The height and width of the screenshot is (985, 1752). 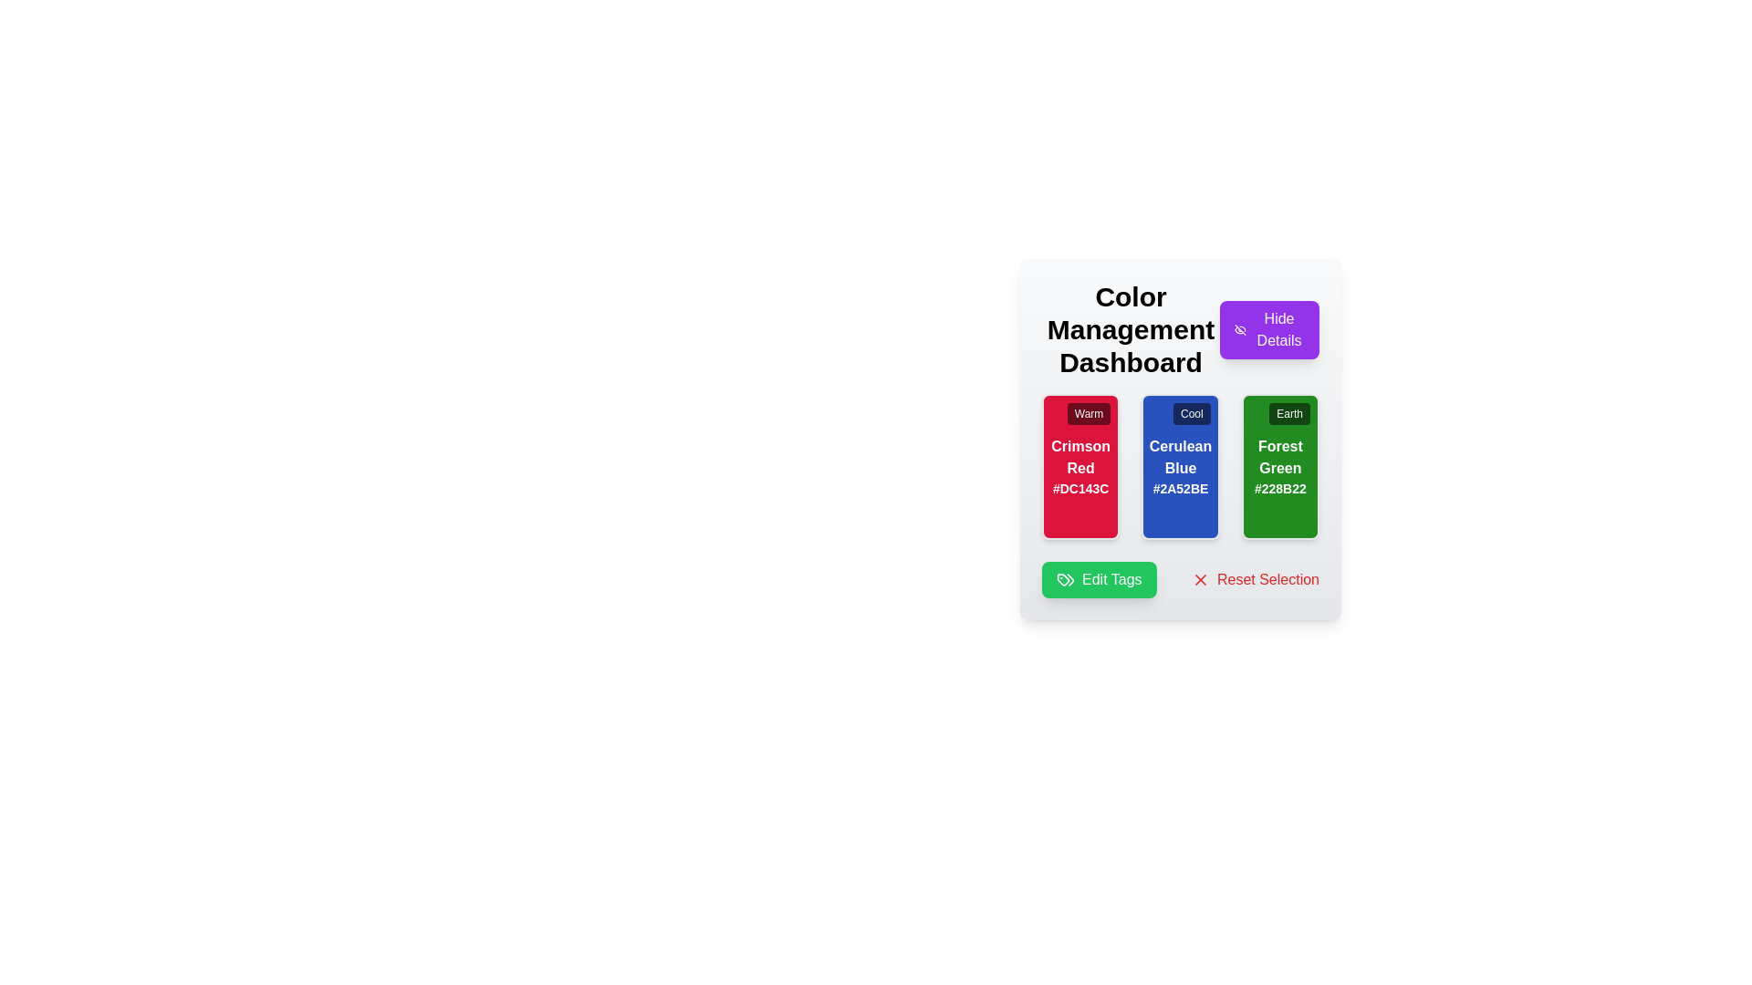 I want to click on the label displaying the color name 'Forest Green' located in the green themed box below the 'Color Management Dashboard', so click(x=1279, y=456).